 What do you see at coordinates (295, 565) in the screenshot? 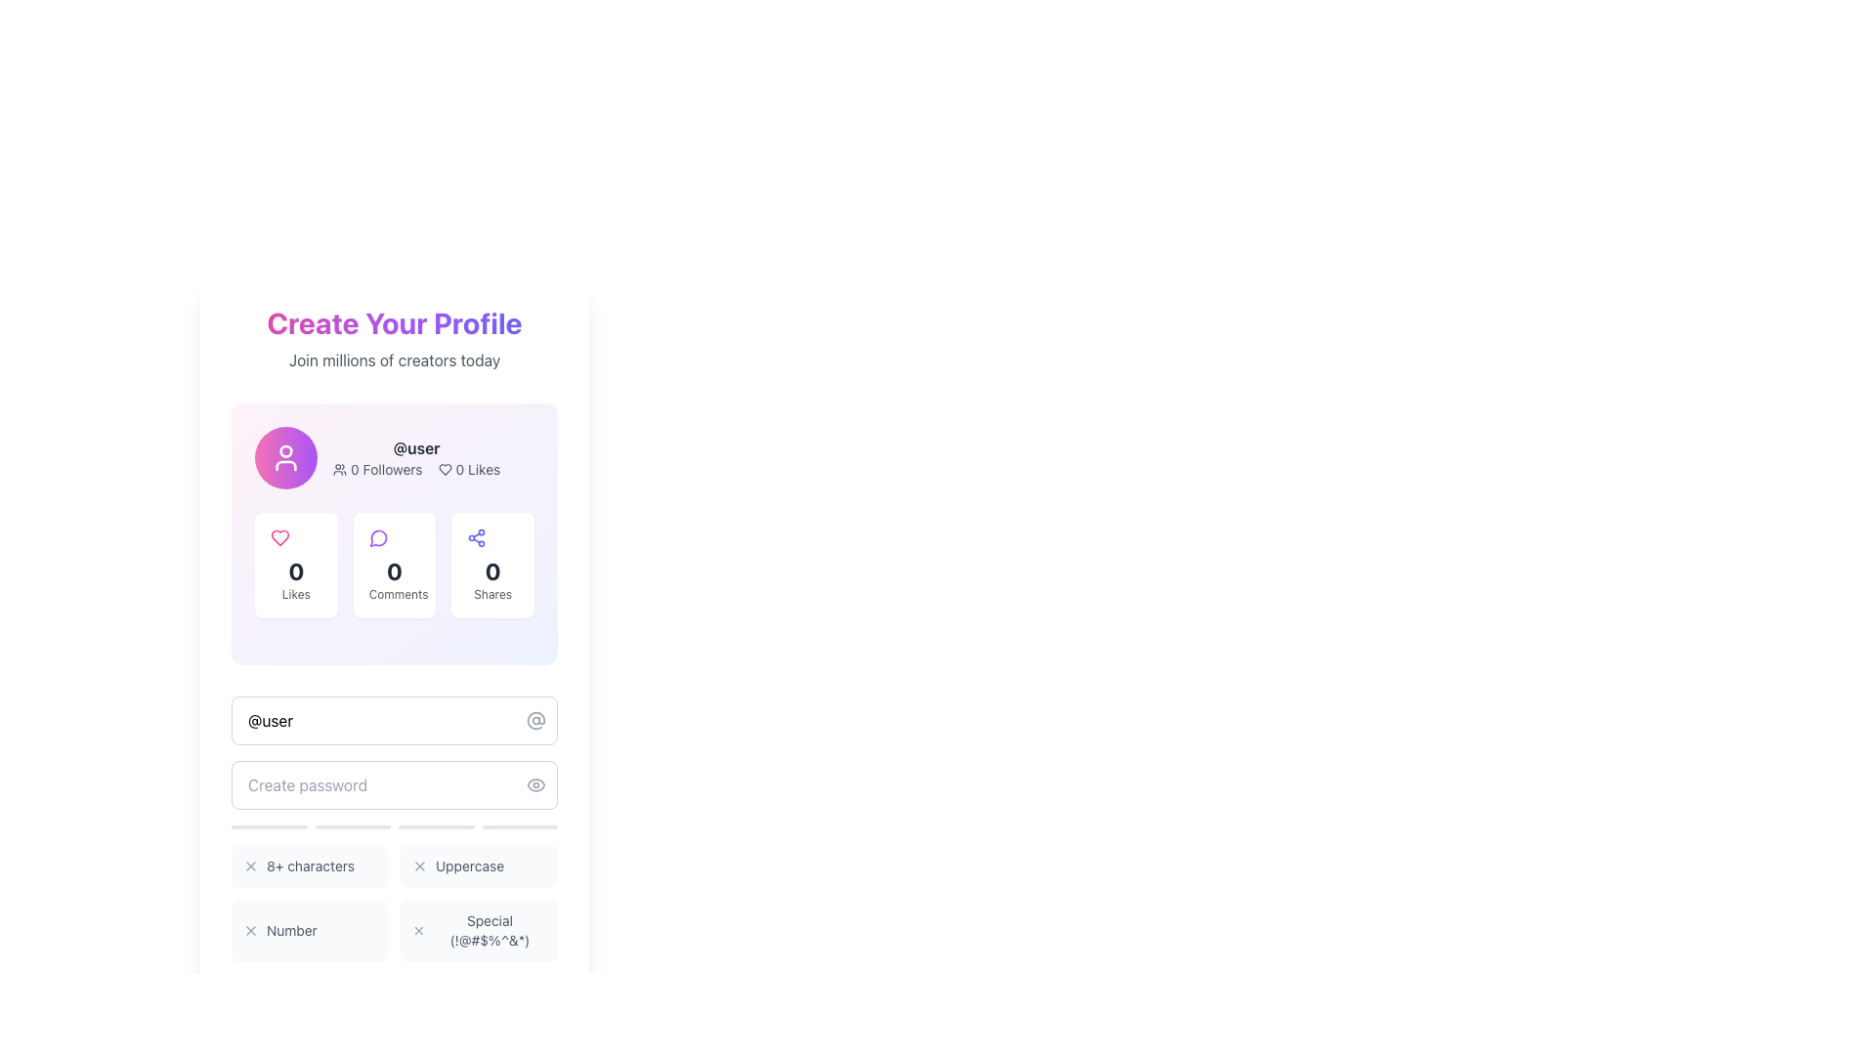
I see `the first statistical display widget that shows the number of likes received, located in the leftmost column below the user's profile picture` at bounding box center [295, 565].